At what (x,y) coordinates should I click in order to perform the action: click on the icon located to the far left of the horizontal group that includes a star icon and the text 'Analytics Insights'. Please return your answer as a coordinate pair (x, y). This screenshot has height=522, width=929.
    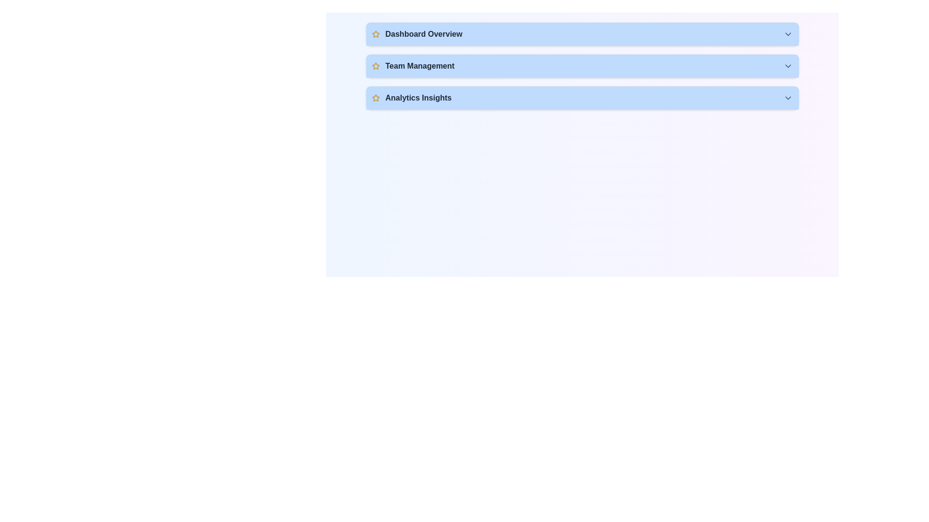
    Looking at the image, I should click on (375, 98).